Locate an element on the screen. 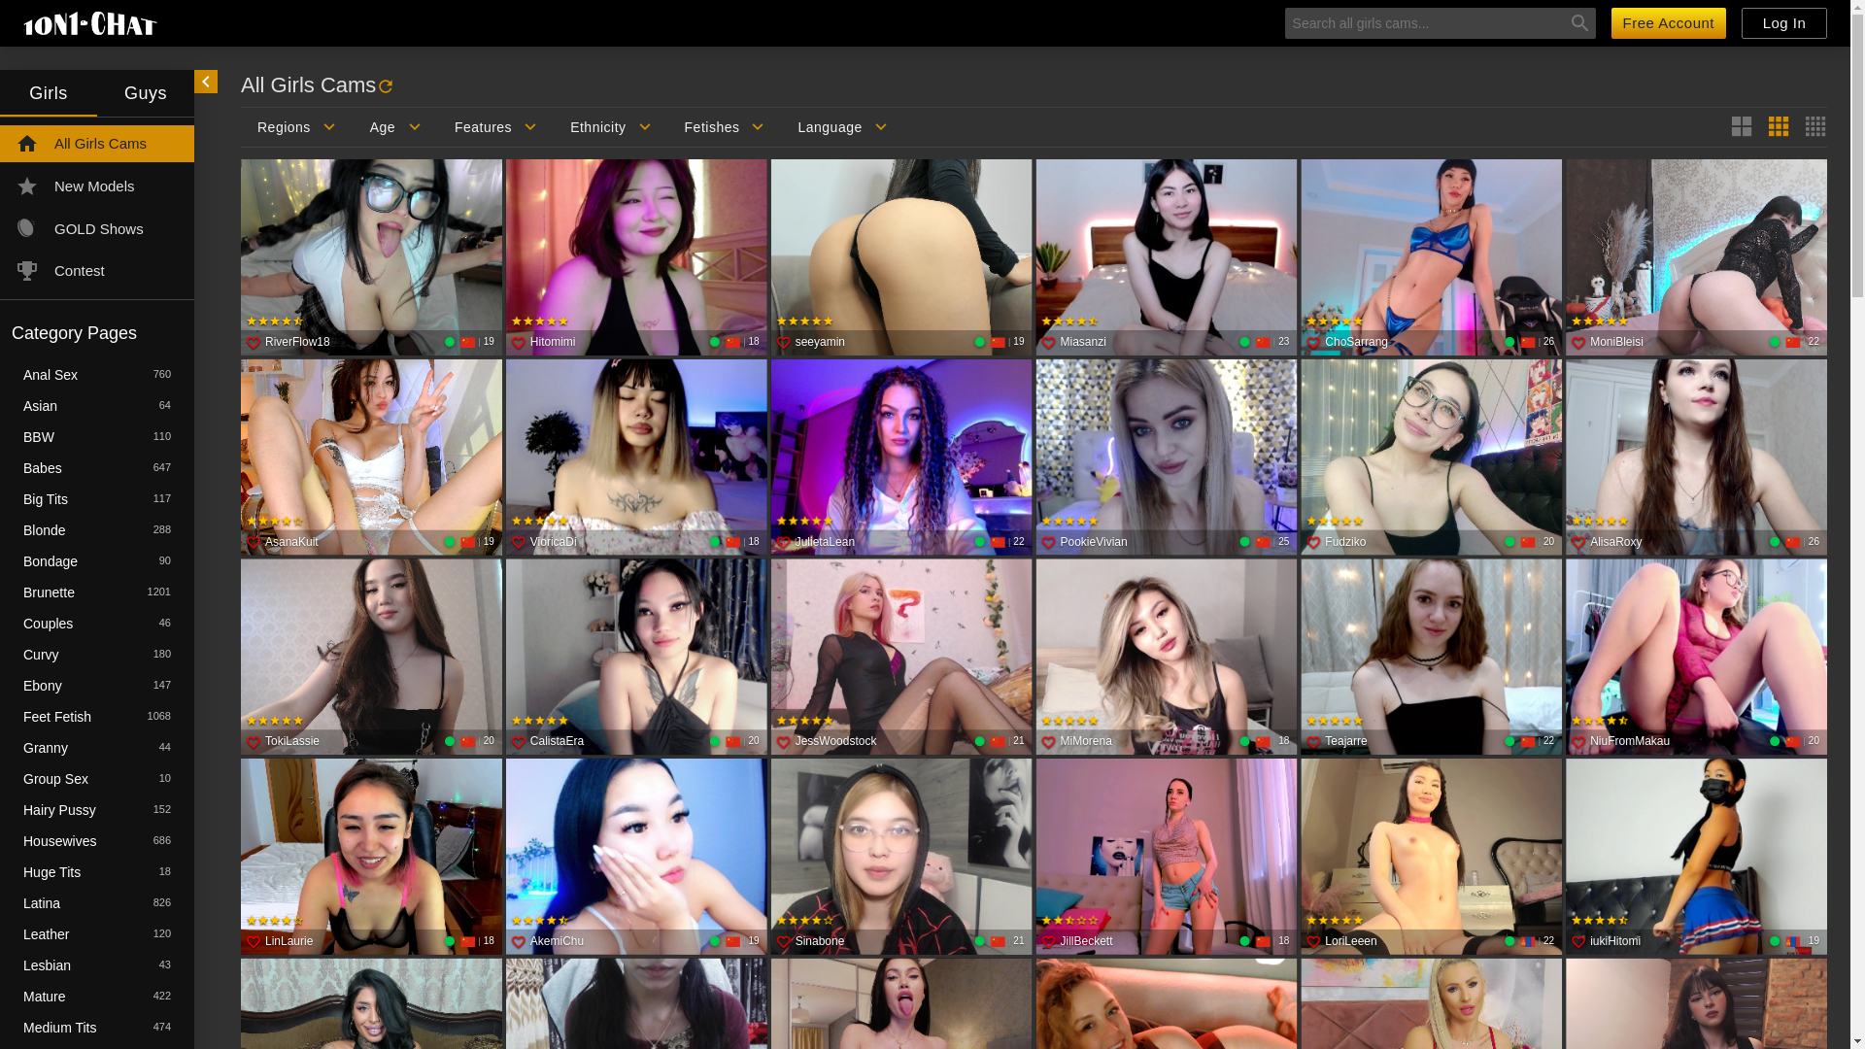 The height and width of the screenshot is (1049, 1865). 'JulietaLean is located at coordinates (900, 458).